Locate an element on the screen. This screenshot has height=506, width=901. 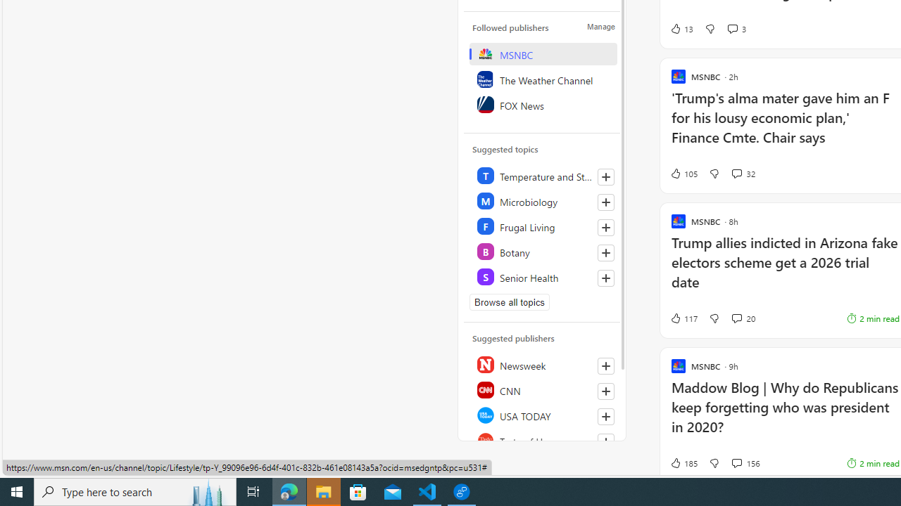
'13 Like' is located at coordinates (681, 29).